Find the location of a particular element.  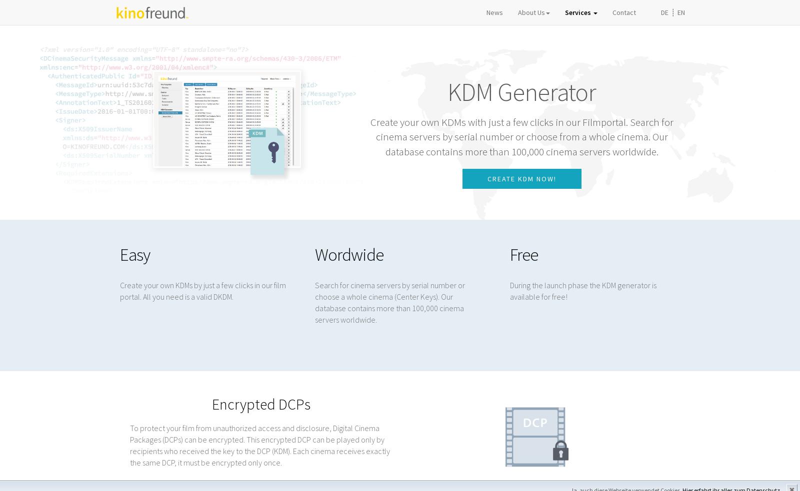

'Create KDM now!' is located at coordinates (521, 178).